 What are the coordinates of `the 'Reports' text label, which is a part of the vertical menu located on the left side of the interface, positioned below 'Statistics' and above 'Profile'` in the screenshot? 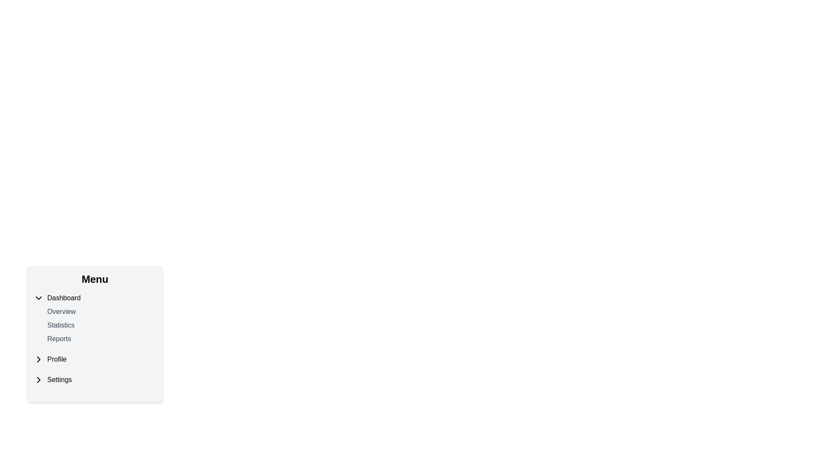 It's located at (59, 338).